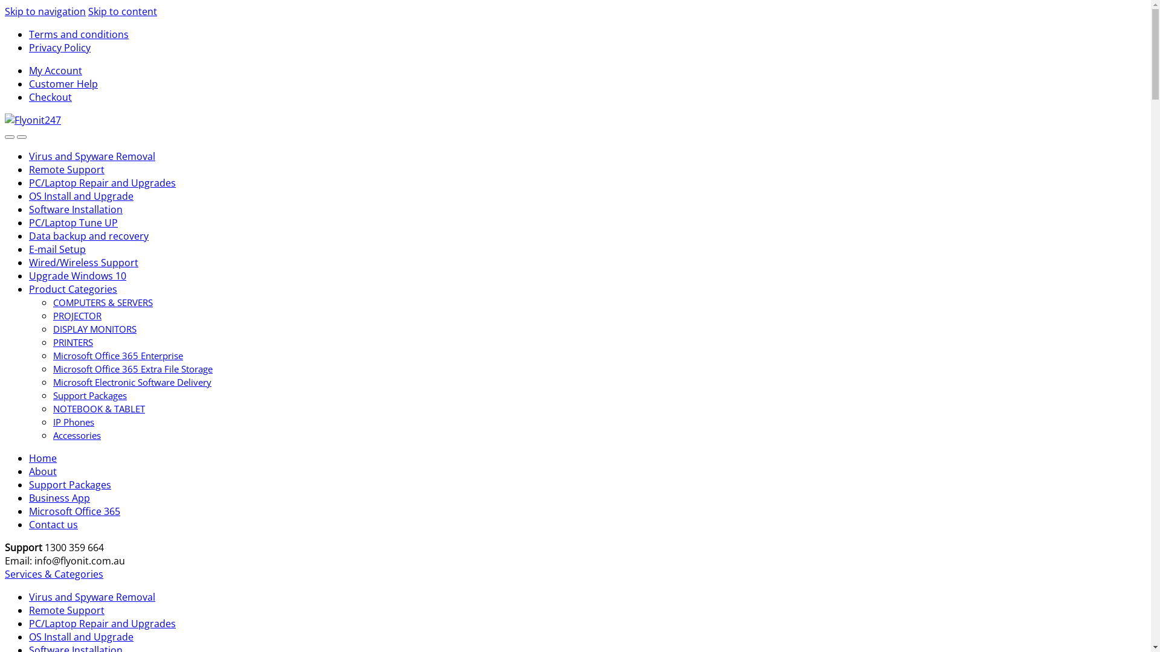 The height and width of the screenshot is (652, 1160). Describe the element at coordinates (118, 355) in the screenshot. I see `'Microsoft Office 365 Enterprise'` at that location.